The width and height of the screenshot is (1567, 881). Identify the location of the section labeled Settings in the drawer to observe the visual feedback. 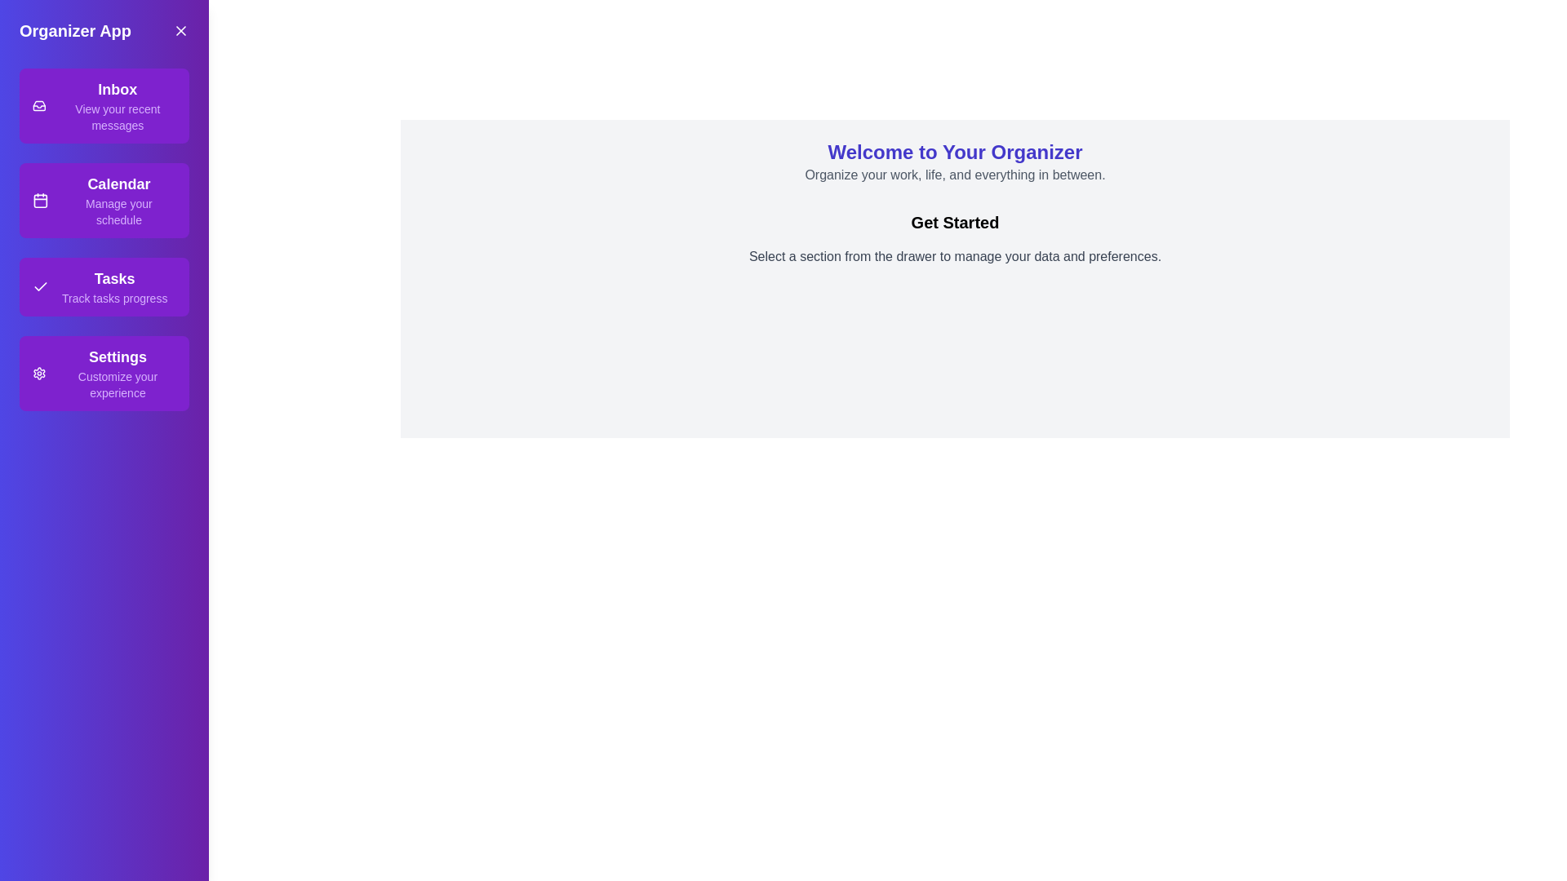
(104, 374).